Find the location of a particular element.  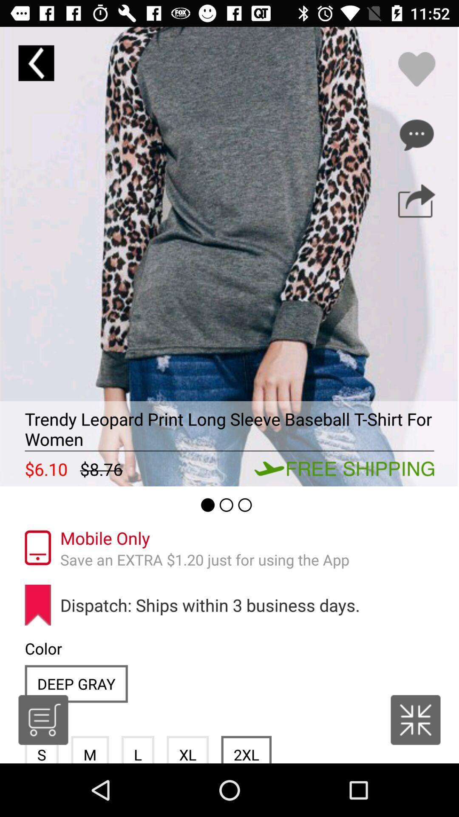

go back is located at coordinates (36, 63).